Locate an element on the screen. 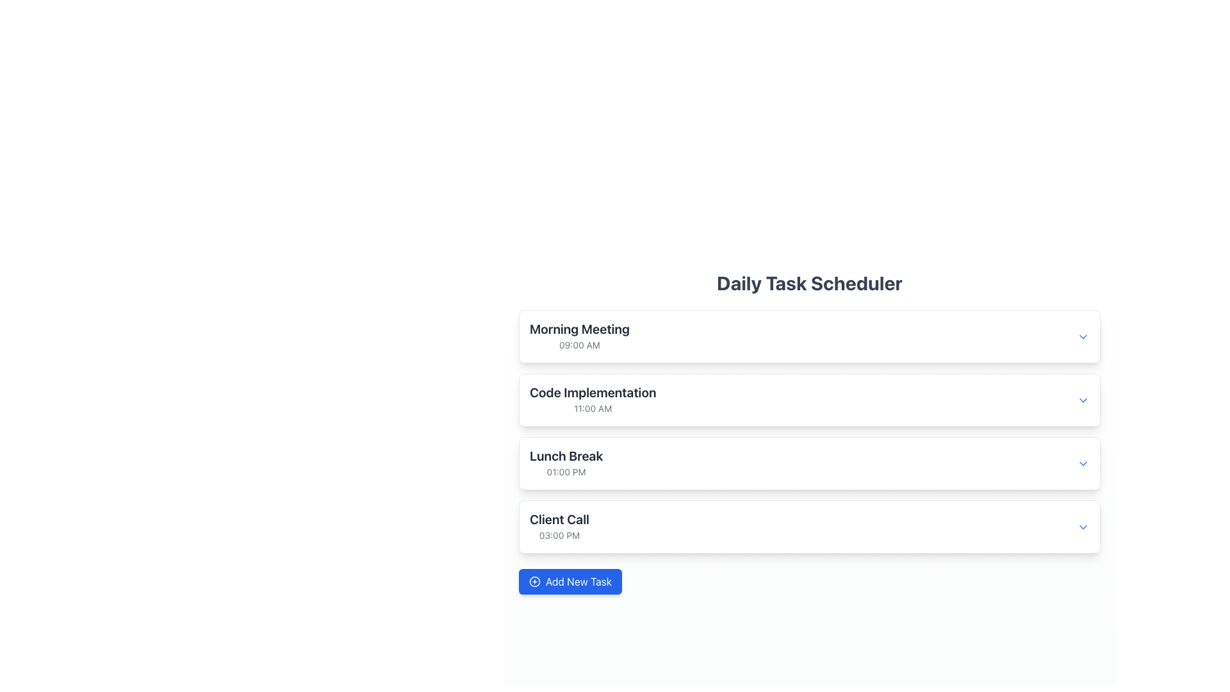  the icon representing the action of adding a new task, which is located to the left of the 'Add New Task' button at the bottom of the interface is located at coordinates (535, 581).